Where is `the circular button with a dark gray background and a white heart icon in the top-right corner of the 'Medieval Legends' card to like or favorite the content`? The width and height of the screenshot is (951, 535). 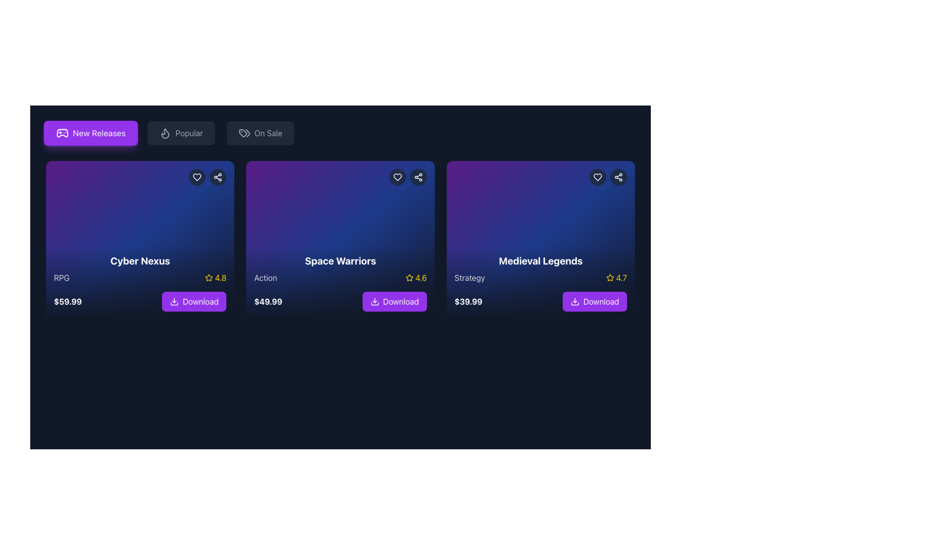 the circular button with a dark gray background and a white heart icon in the top-right corner of the 'Medieval Legends' card to like or favorite the content is located at coordinates (597, 177).